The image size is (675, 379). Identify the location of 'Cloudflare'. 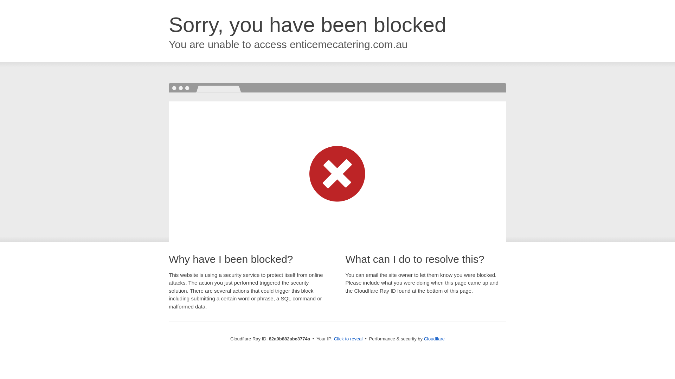
(434, 338).